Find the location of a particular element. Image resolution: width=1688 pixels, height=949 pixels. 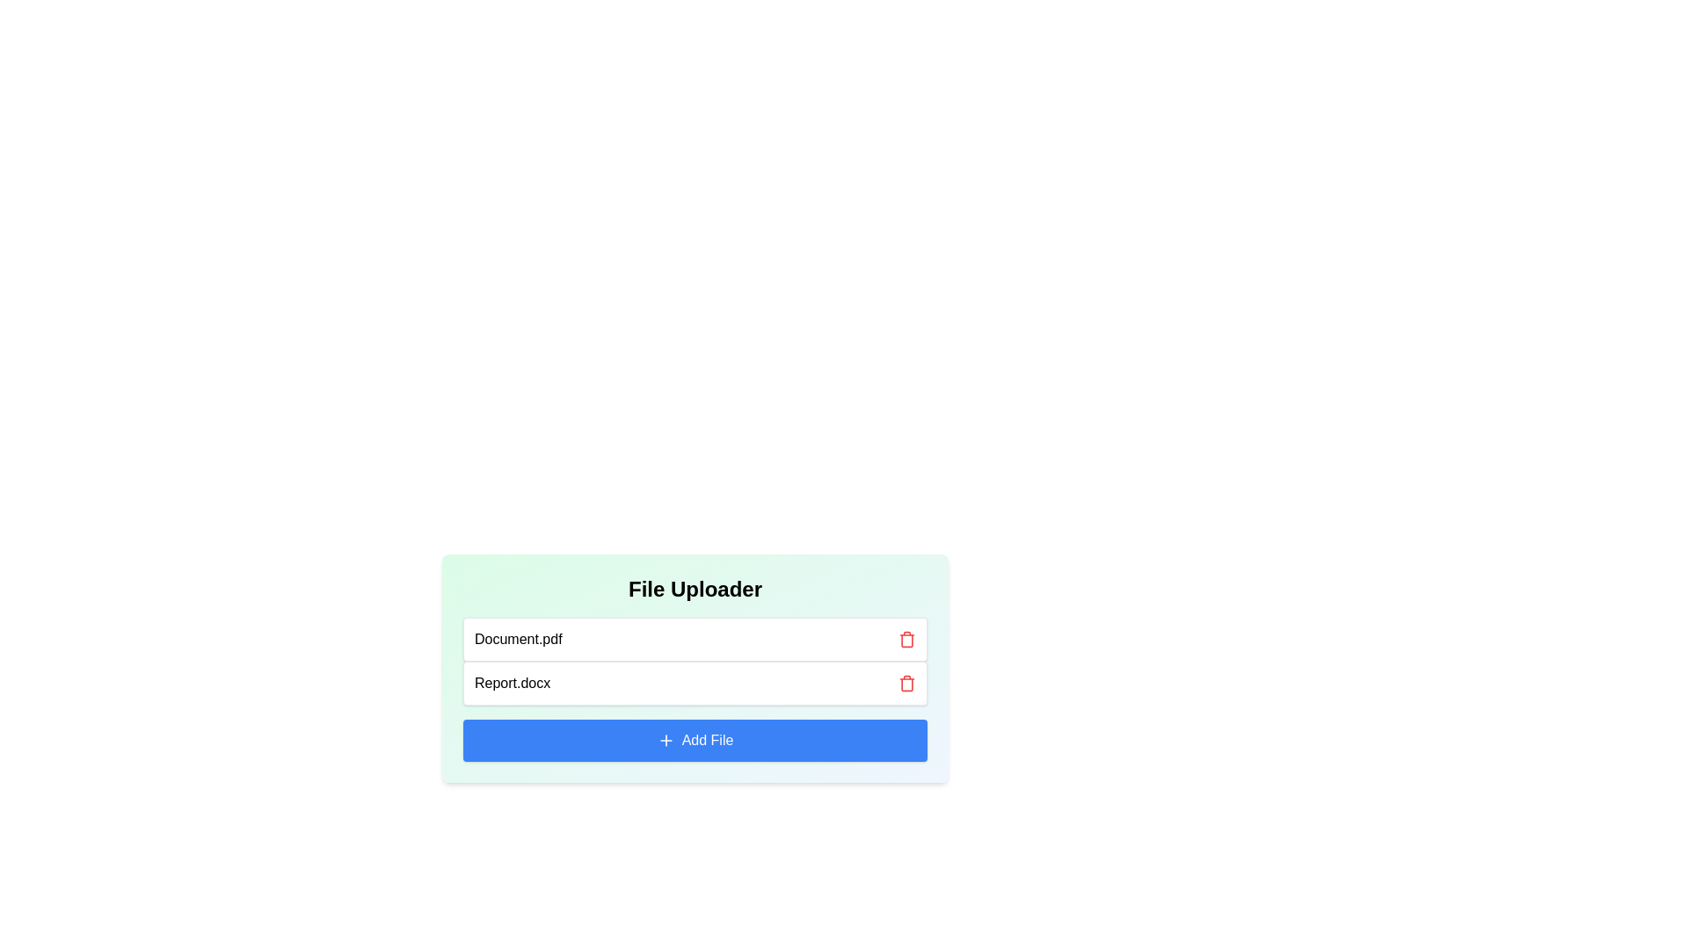

the text display element that represents the name of an uploaded file in the file management interface is located at coordinates (512, 683).